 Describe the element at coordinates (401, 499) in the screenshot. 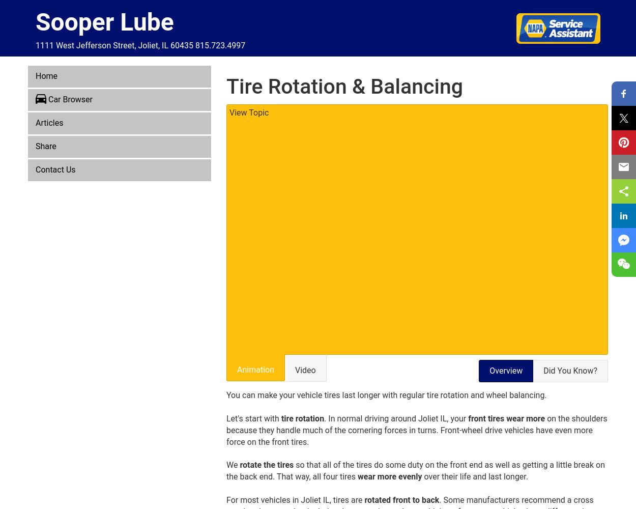

I see `'rotated front to back'` at that location.